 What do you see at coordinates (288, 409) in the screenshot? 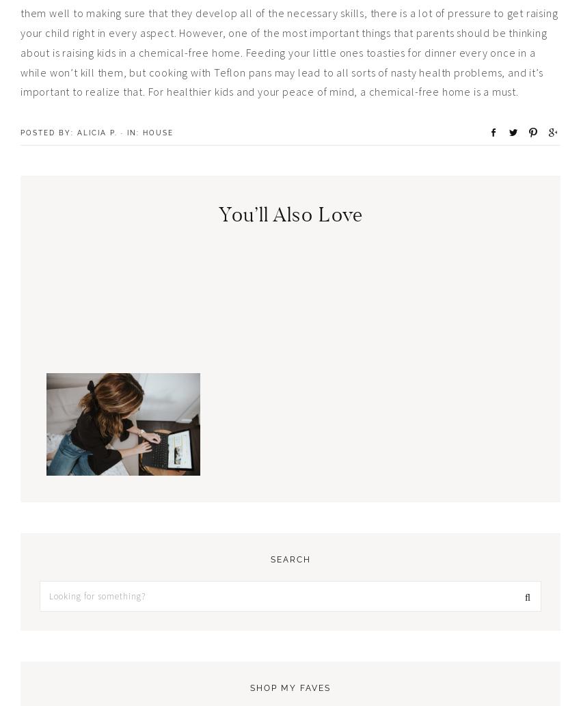
I see `'The Role of Customized Men’s T-Shirts in Modern Society'` at bounding box center [288, 409].